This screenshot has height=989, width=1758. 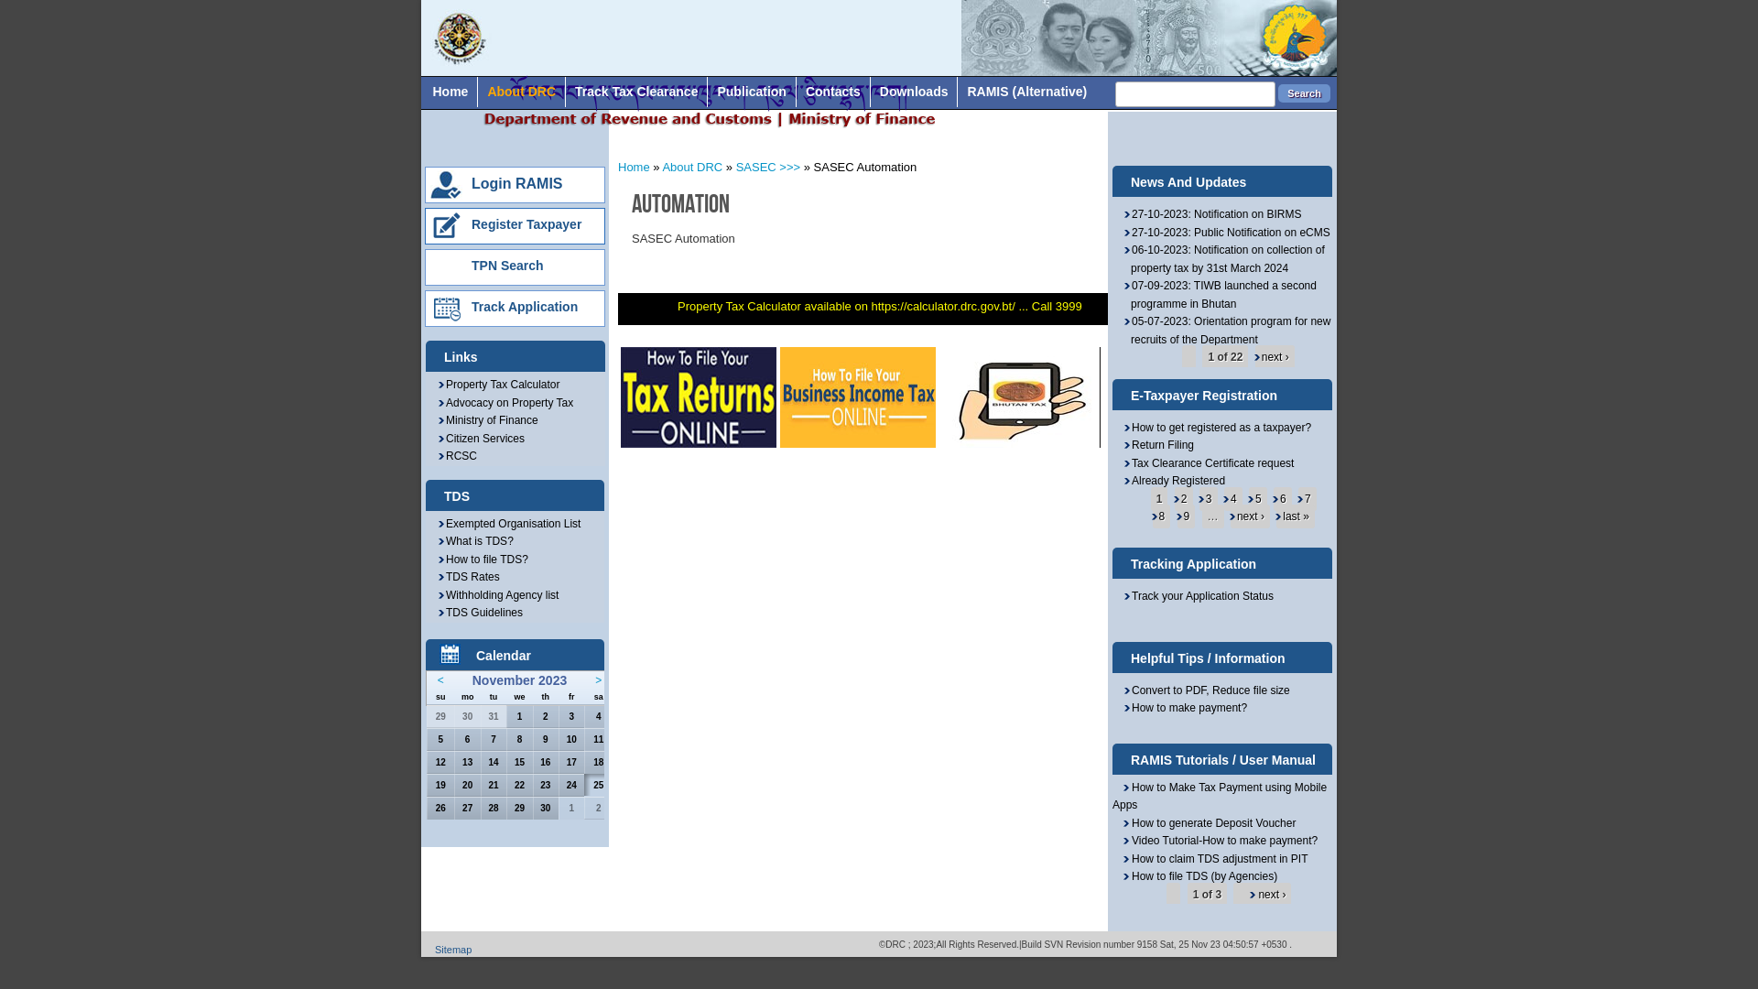 What do you see at coordinates (1173, 479) in the screenshot?
I see `'Already Registered'` at bounding box center [1173, 479].